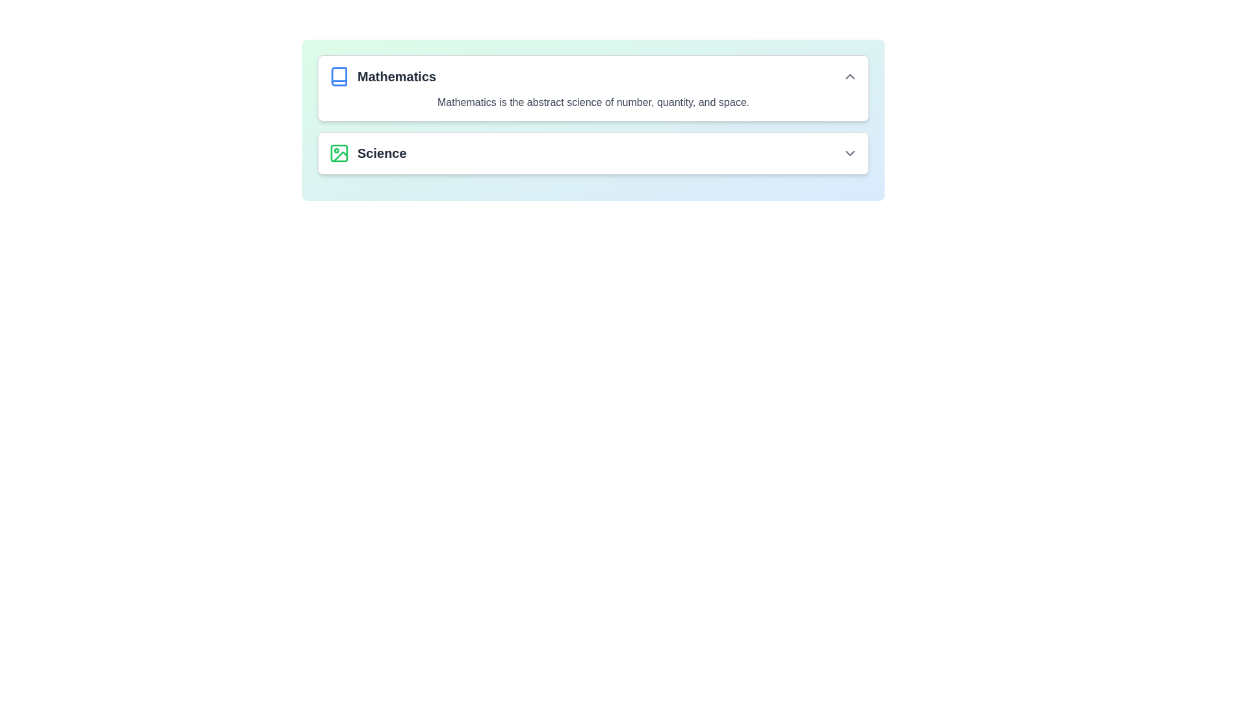 This screenshot has width=1248, height=702. I want to click on the 'Science' category icon located in the second card of selectable options, positioned directly below the 'Mathematics' card, so click(367, 152).